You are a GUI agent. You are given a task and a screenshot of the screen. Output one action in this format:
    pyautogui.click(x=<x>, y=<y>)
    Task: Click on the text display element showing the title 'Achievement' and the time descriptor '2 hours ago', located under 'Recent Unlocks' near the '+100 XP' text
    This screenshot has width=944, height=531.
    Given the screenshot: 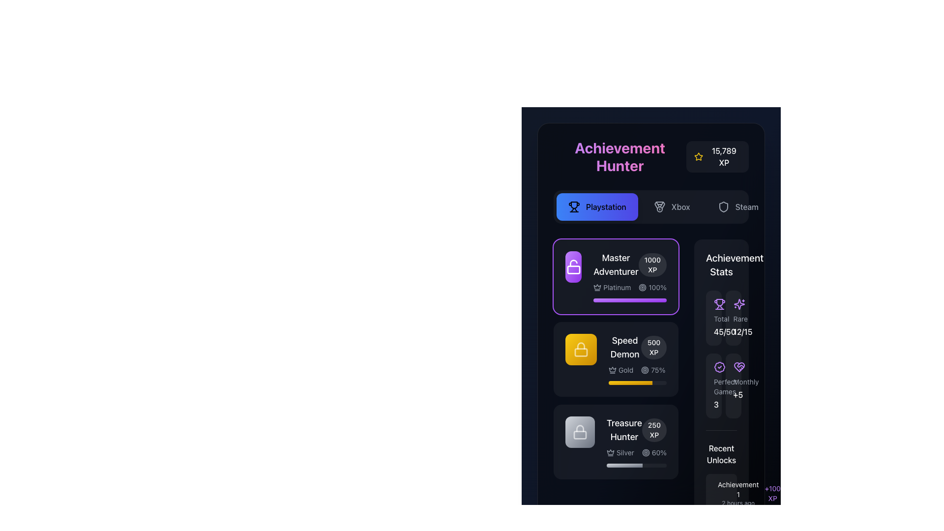 What is the action you would take?
    pyautogui.click(x=738, y=493)
    